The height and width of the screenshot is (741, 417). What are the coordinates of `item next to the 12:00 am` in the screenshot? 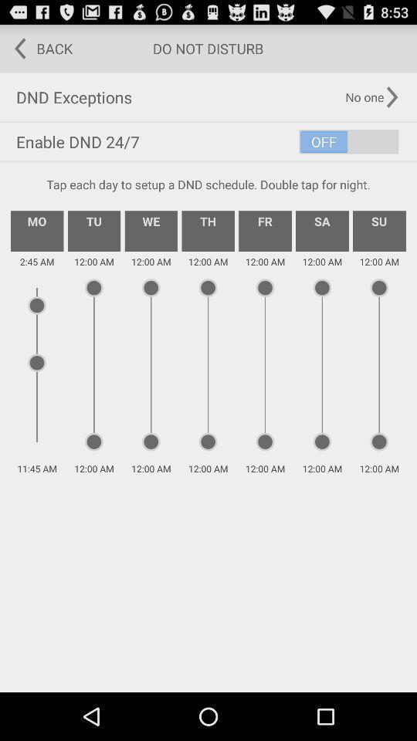 It's located at (151, 230).